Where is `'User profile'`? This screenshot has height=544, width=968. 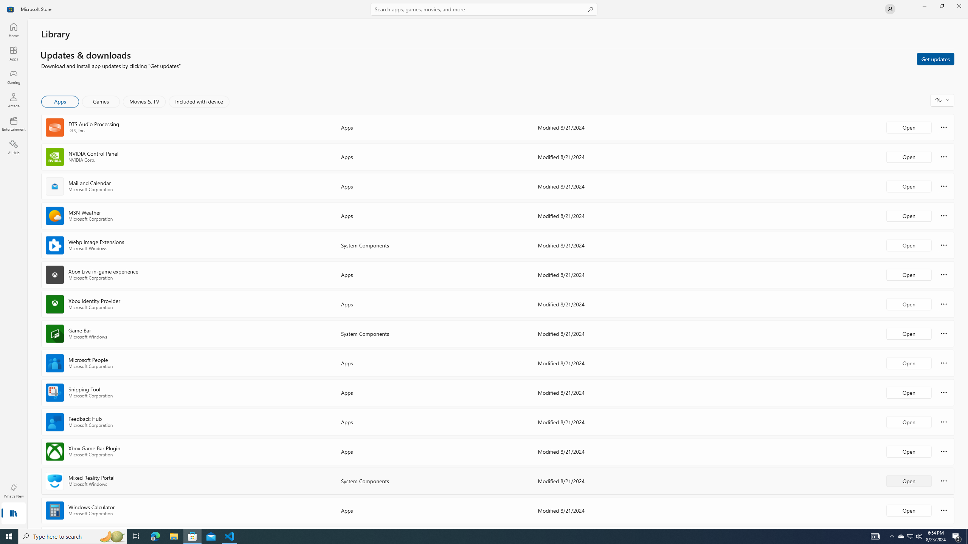
'User profile' is located at coordinates (889, 8).